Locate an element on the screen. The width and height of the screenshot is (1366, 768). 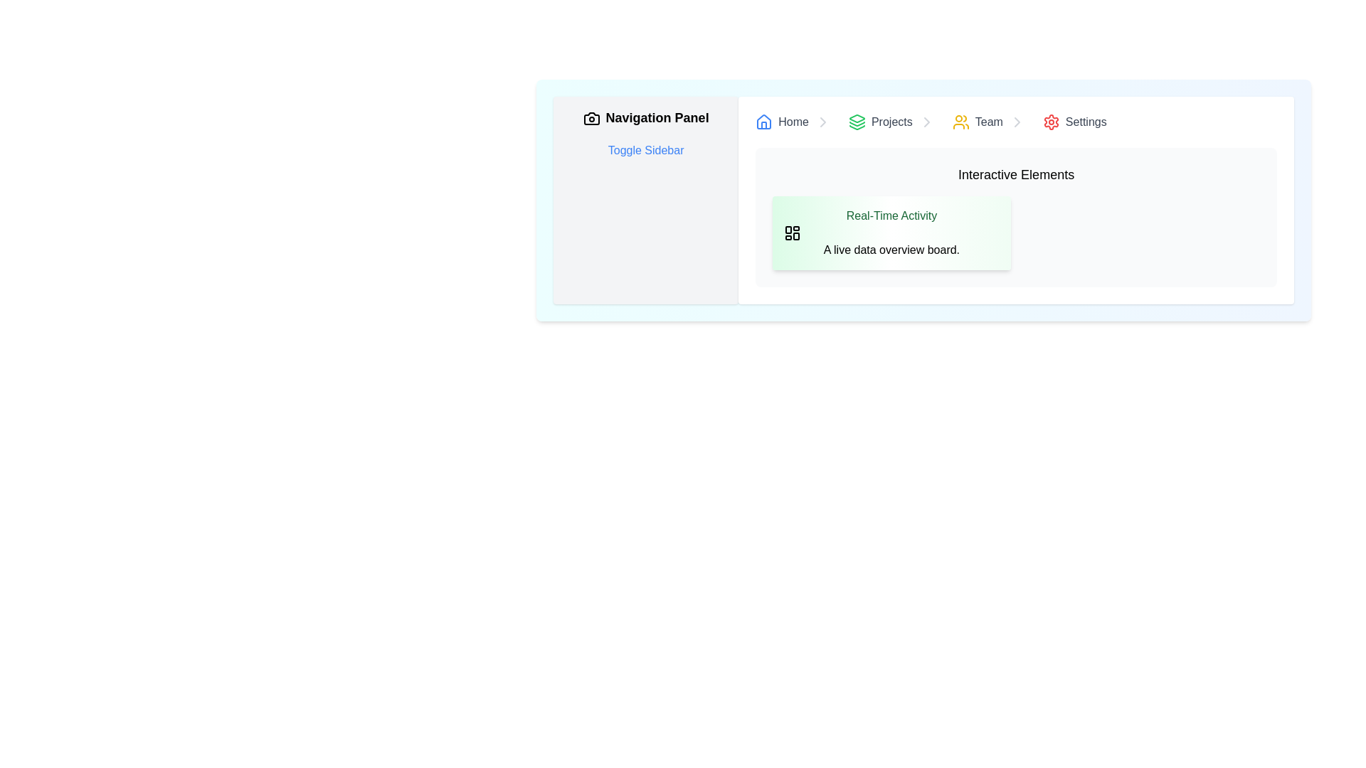
the 'Toggle Sidebar' text link button styled with a bold blue font is located at coordinates (645, 151).